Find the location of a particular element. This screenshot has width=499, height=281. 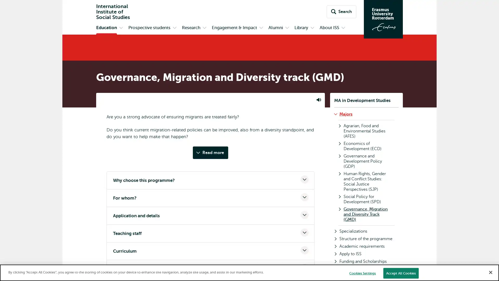

Open submenu is located at coordinates (121, 28).